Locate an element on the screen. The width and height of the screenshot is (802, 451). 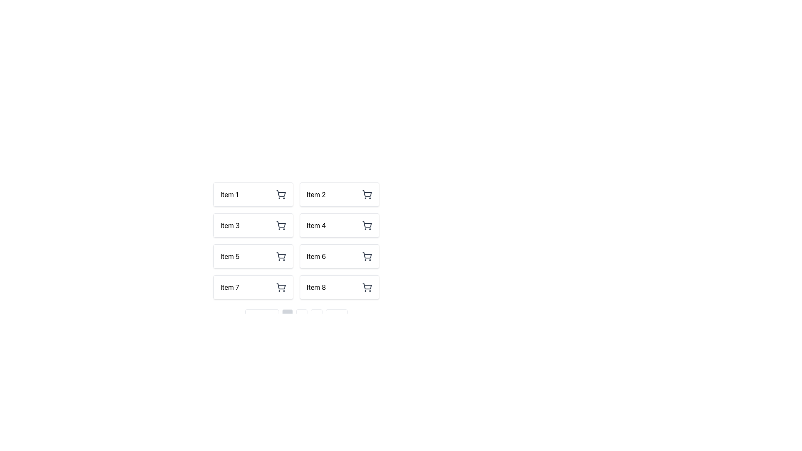
the grid component containing items from its current position is located at coordinates (296, 241).